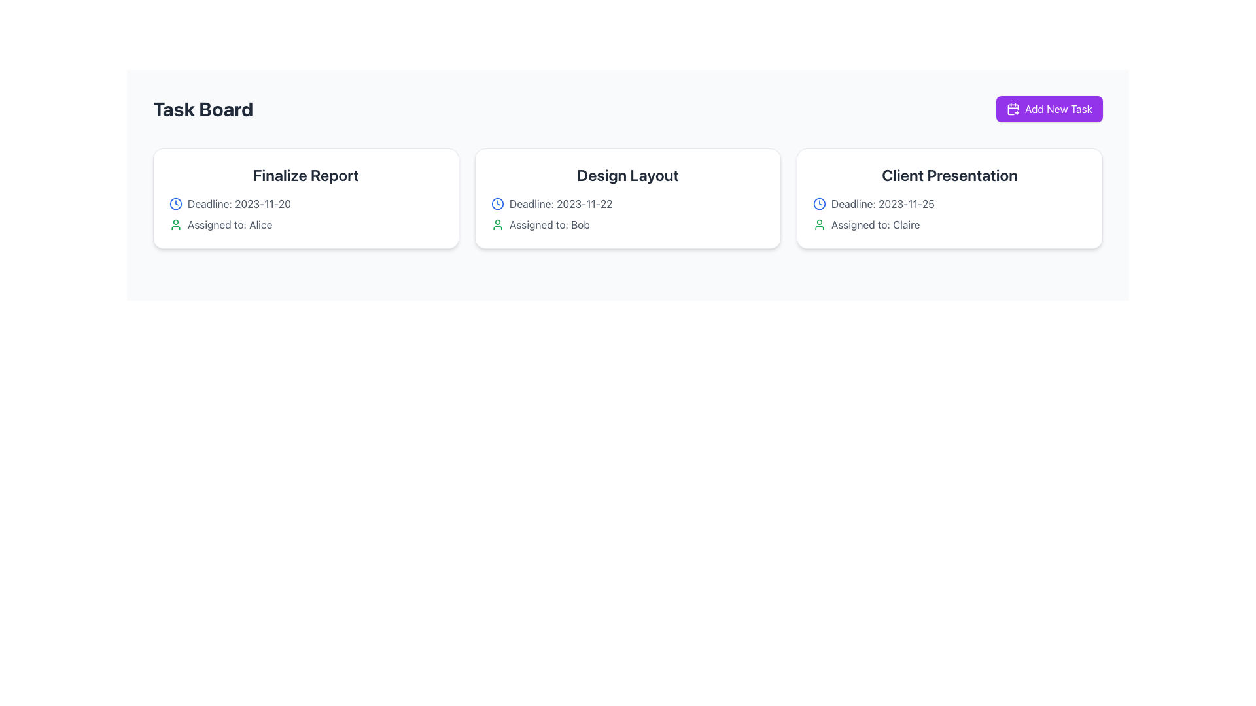  What do you see at coordinates (949, 199) in the screenshot?
I see `information displayed on the task card titled 'Client Presentation', which is the third card in the rightmost column of the task board layout` at bounding box center [949, 199].